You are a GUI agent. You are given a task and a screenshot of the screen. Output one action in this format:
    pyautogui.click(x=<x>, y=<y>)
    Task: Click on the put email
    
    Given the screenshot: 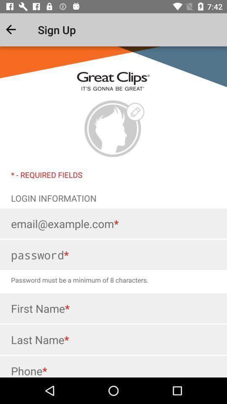 What is the action you would take?
    pyautogui.click(x=113, y=223)
    